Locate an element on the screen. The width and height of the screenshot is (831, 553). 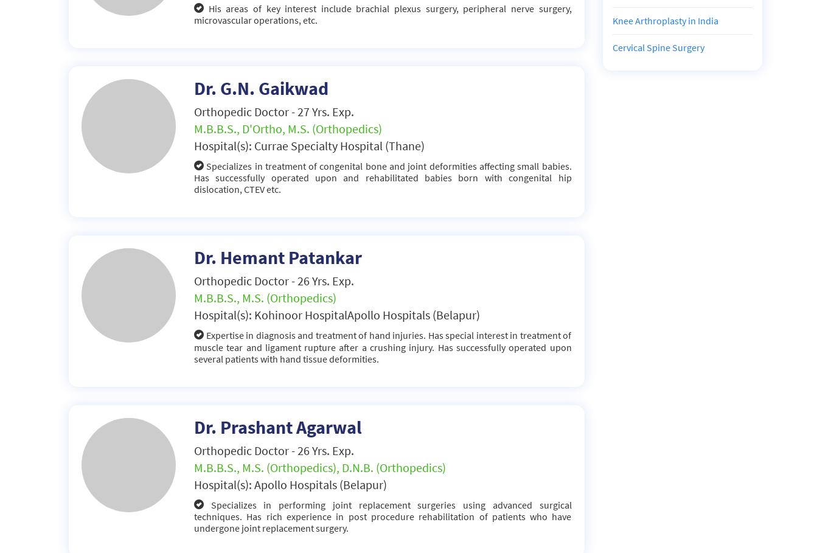
'M.B.B.S., M.S. (Orthopedics), D.N.B. (Orthopedics)' is located at coordinates (320, 467).